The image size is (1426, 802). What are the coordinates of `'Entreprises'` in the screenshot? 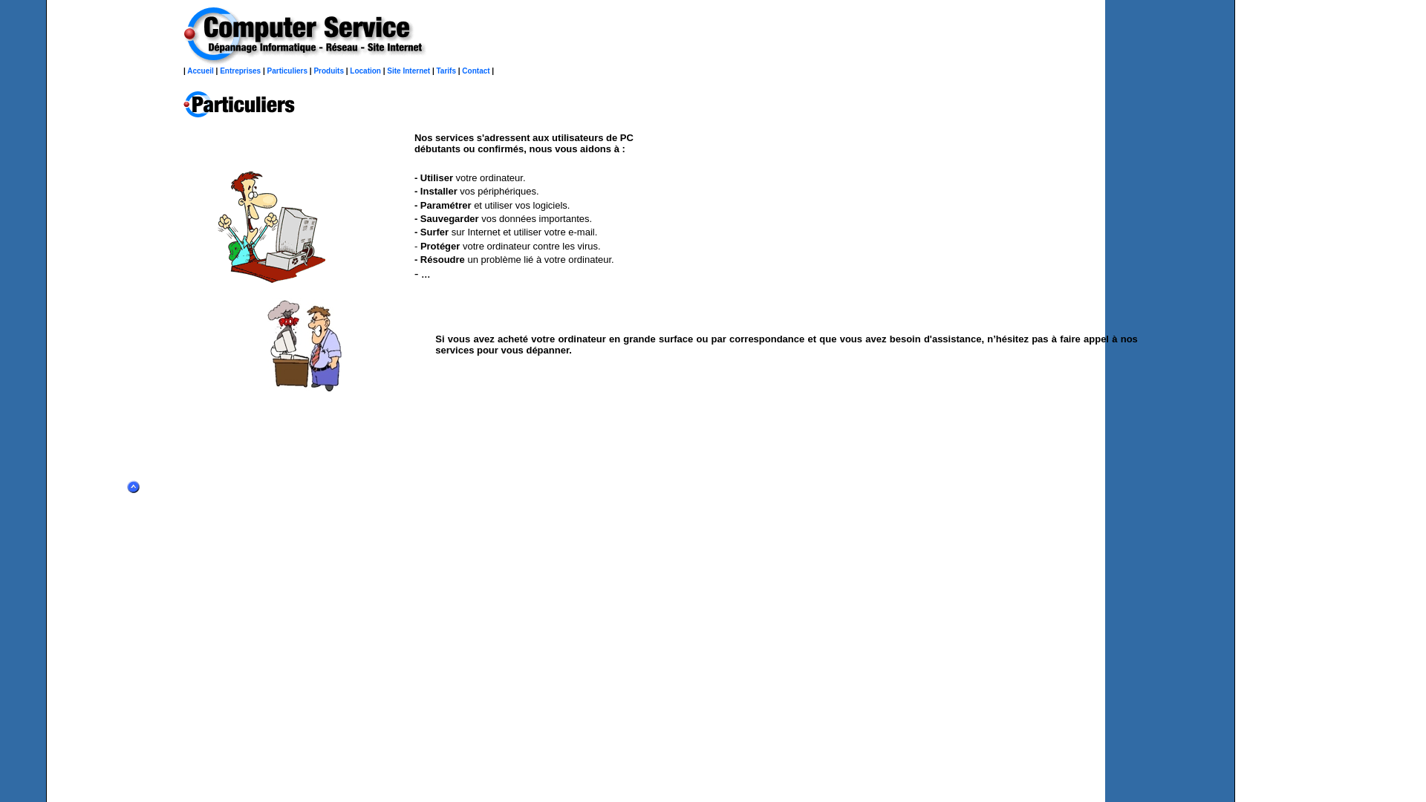 It's located at (240, 71).